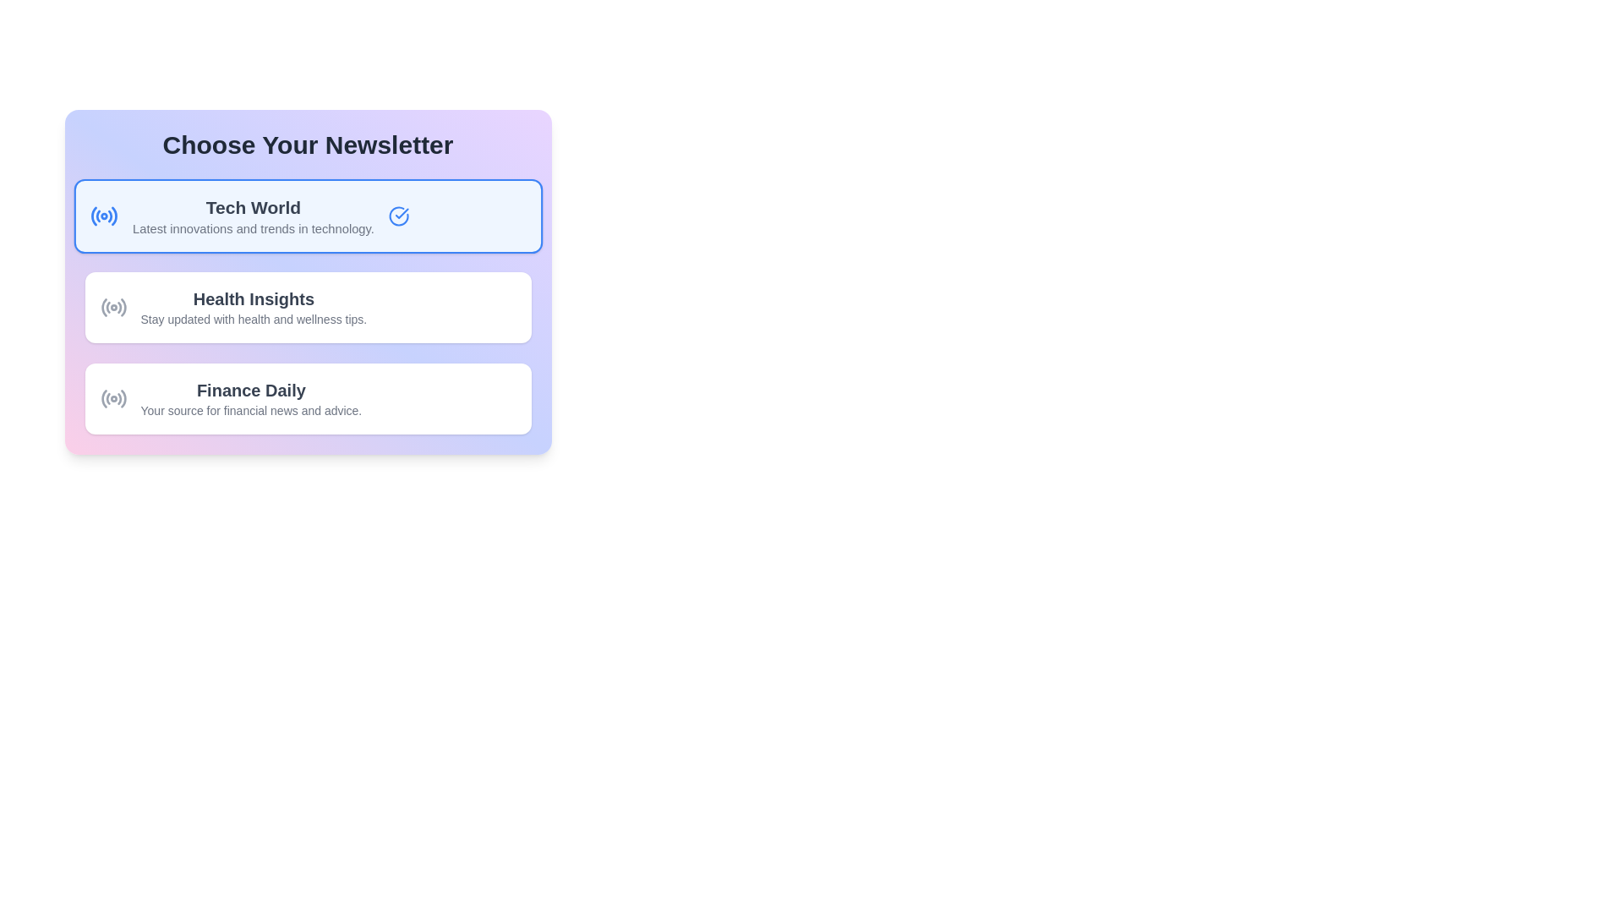 The image size is (1623, 913). I want to click on the 'Health Insights' newsletter icon, which is located to the left of the text label and is part of a list of subscription choices, so click(103, 307).